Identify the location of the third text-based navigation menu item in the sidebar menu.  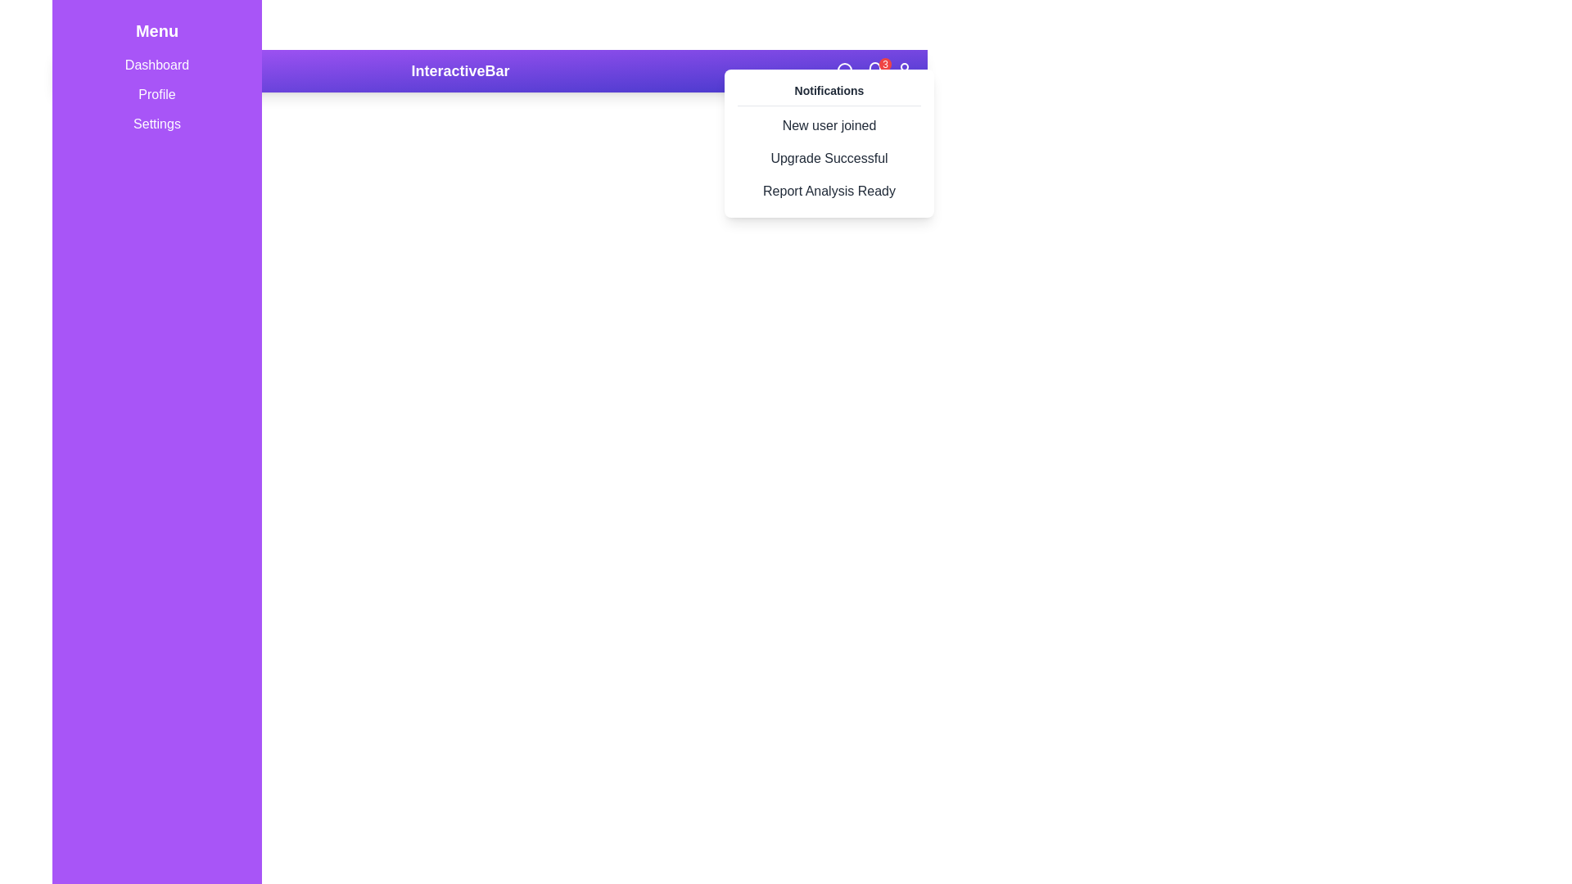
(157, 123).